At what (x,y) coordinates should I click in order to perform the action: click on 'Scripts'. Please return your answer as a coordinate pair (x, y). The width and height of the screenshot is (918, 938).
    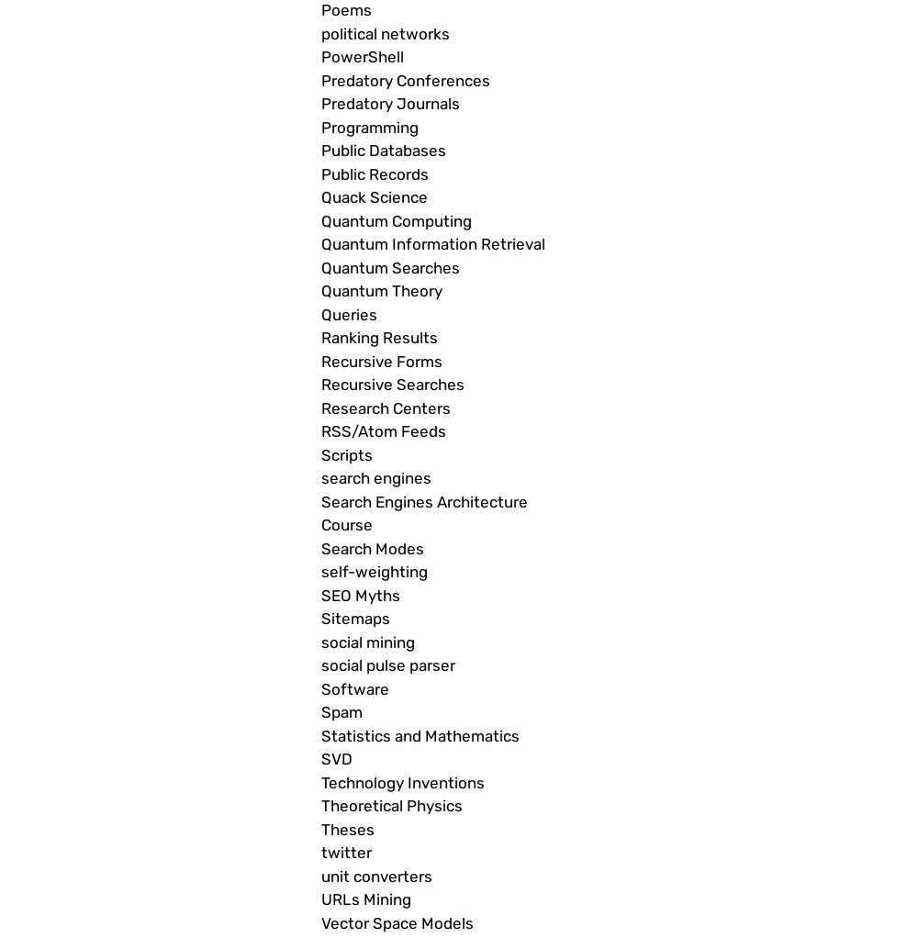
    Looking at the image, I should click on (347, 453).